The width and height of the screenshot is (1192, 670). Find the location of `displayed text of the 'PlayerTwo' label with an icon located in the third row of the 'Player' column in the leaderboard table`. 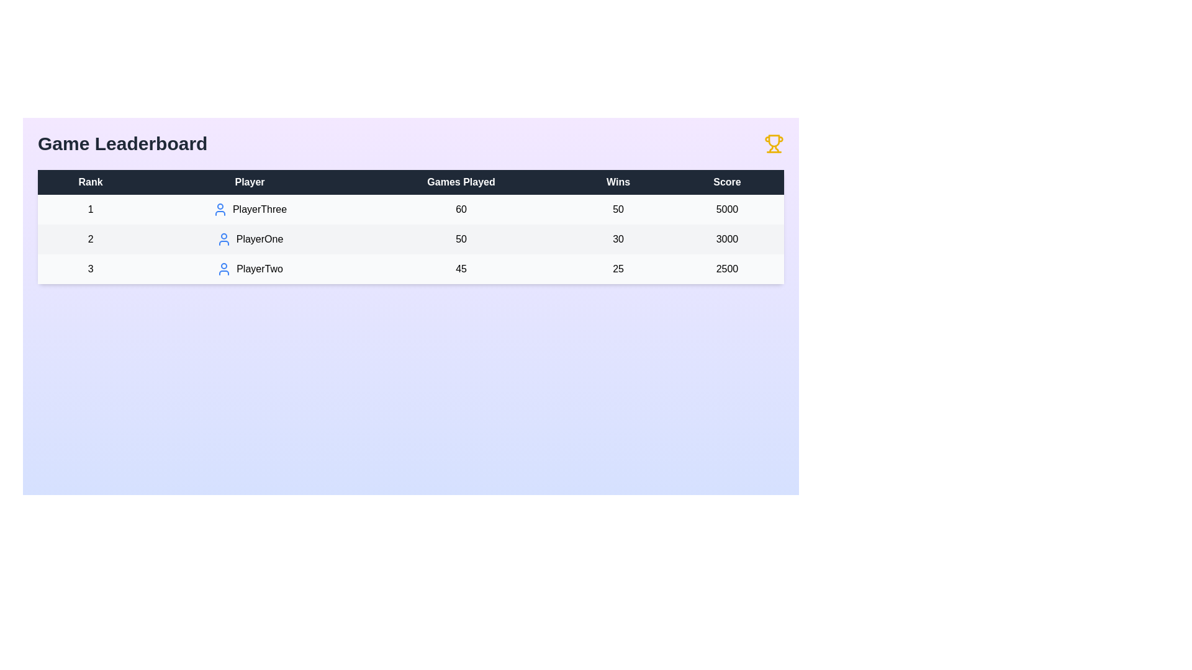

displayed text of the 'PlayerTwo' label with an icon located in the third row of the 'Player' column in the leaderboard table is located at coordinates (249, 269).